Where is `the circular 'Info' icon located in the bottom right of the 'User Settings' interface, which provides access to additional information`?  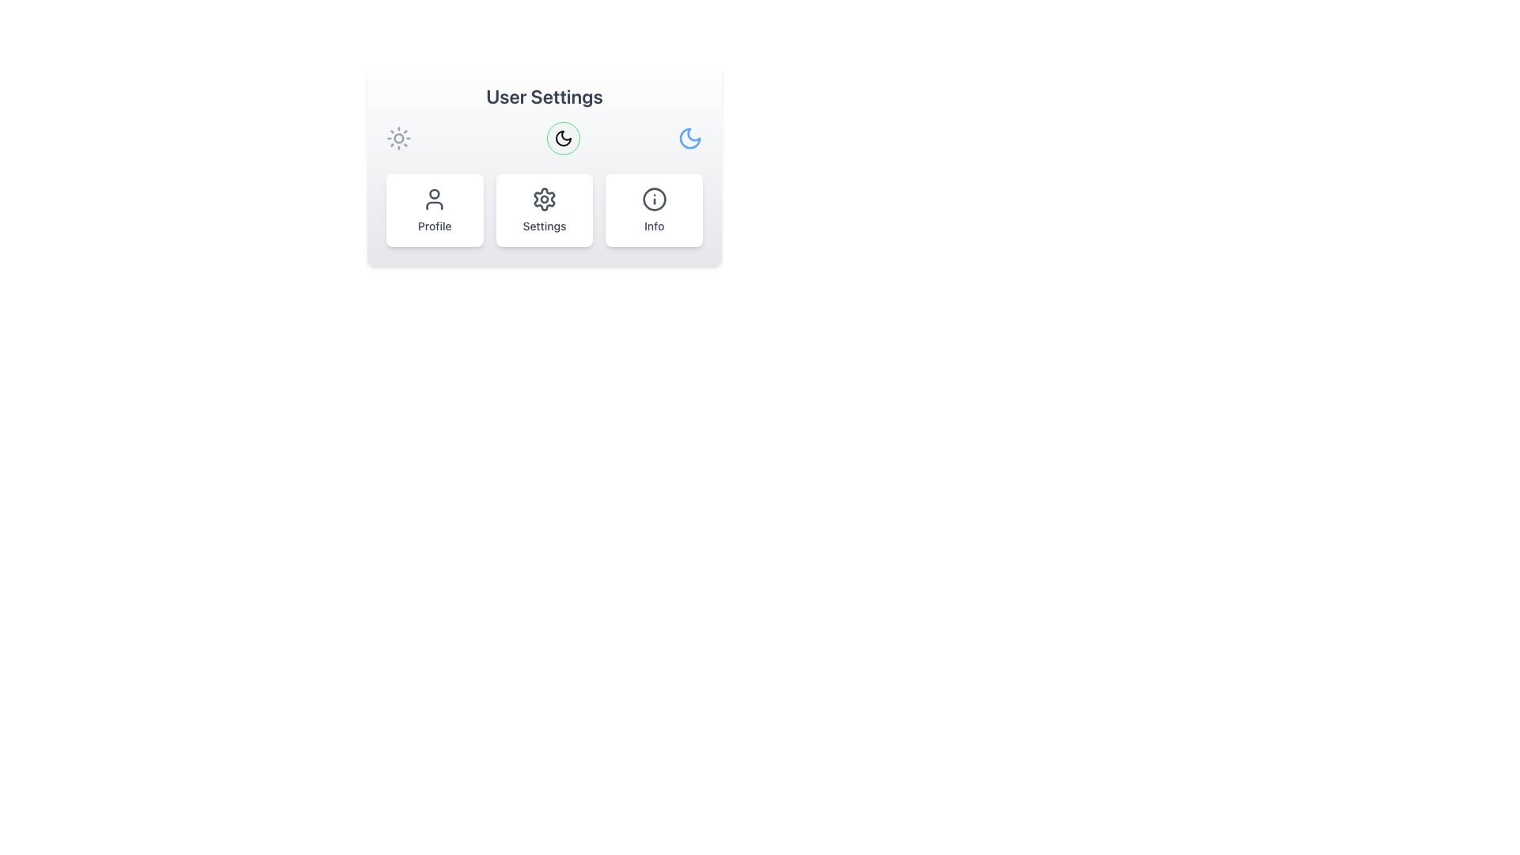
the circular 'Info' icon located in the bottom right of the 'User Settings' interface, which provides access to additional information is located at coordinates (654, 198).